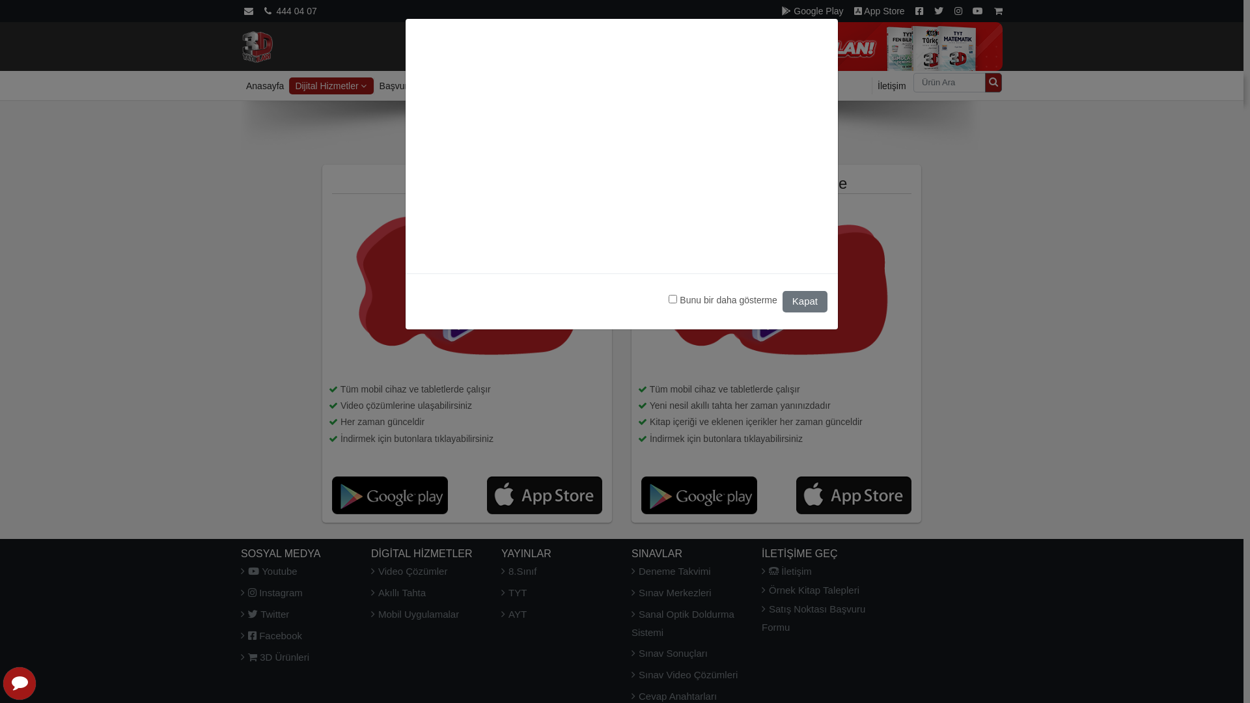 Image resolution: width=1250 pixels, height=703 pixels. Describe the element at coordinates (331, 85) in the screenshot. I see `'Dijital Hizmetler'` at that location.